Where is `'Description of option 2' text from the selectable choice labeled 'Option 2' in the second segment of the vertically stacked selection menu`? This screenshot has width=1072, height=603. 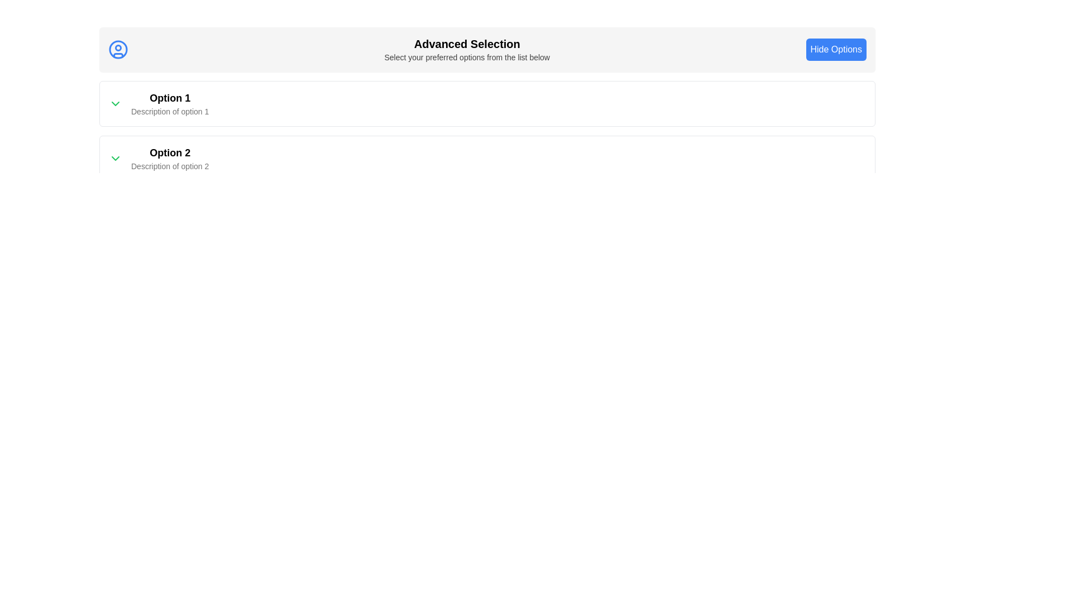 'Description of option 2' text from the selectable choice labeled 'Option 2' in the second segment of the vertically stacked selection menu is located at coordinates (169, 159).